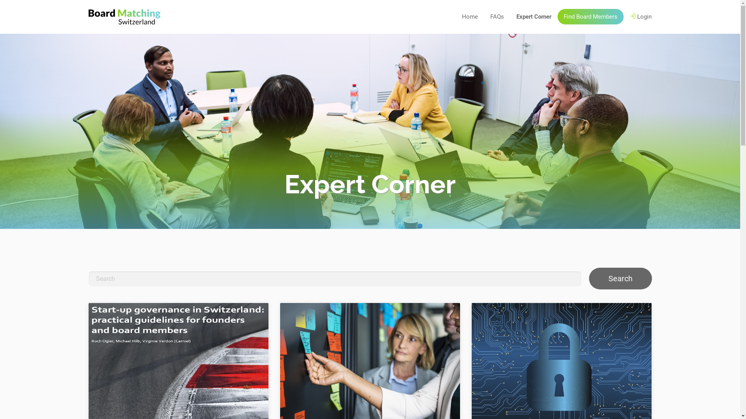 The image size is (746, 419). I want to click on 'FAQs', so click(497, 16).